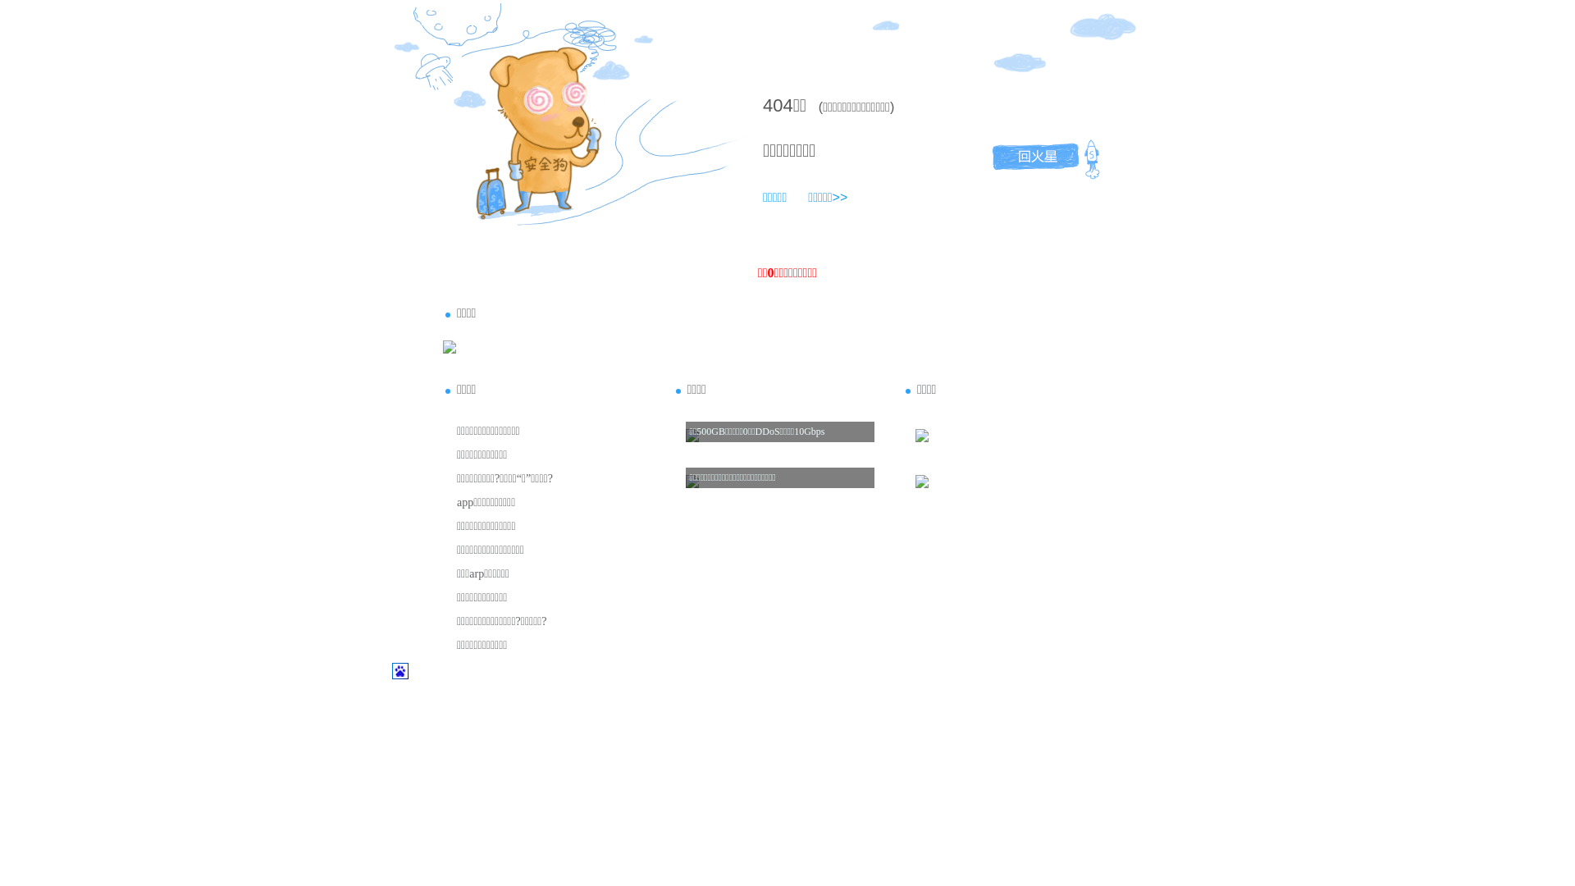 This screenshot has width=1575, height=886. I want to click on '404', so click(777, 105).